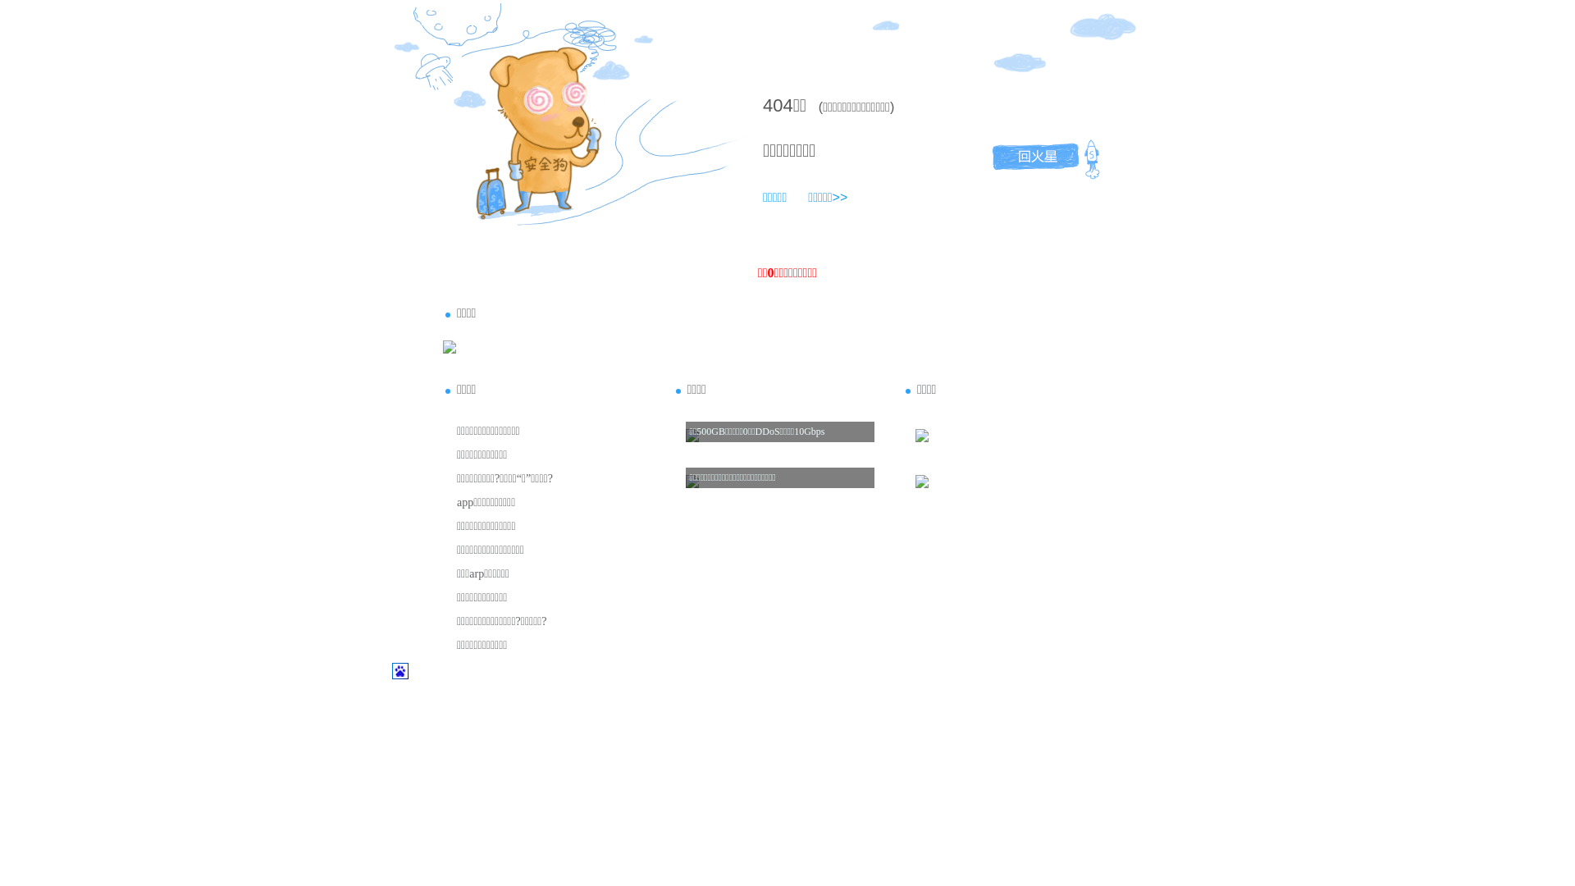 This screenshot has width=1575, height=886. I want to click on '404', so click(777, 105).